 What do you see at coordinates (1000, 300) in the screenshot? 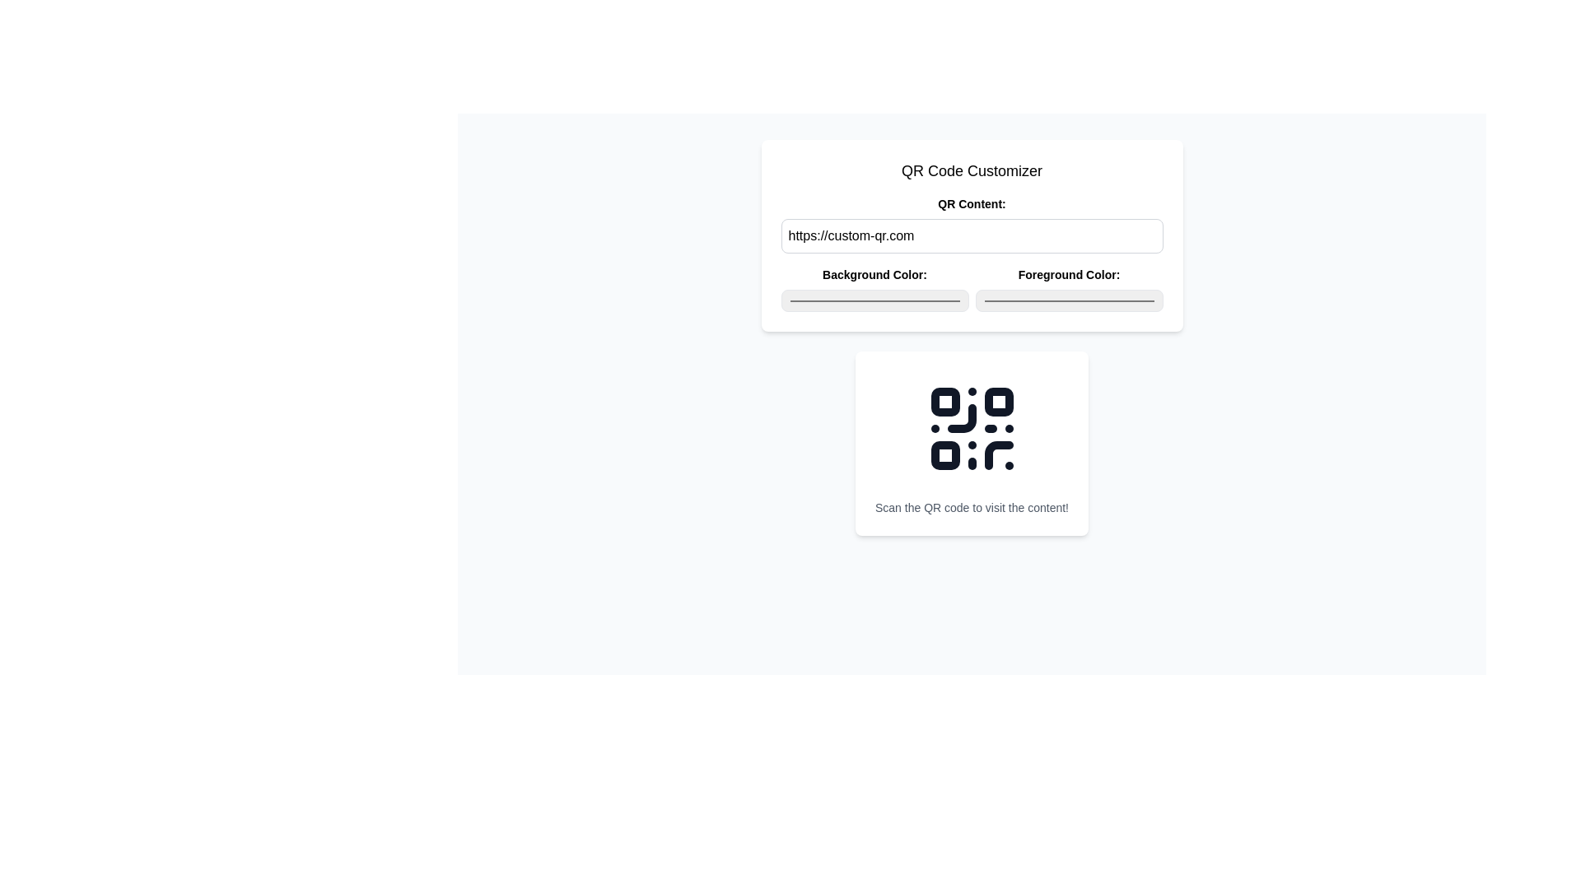
I see `the foreground color value by sliding` at bounding box center [1000, 300].